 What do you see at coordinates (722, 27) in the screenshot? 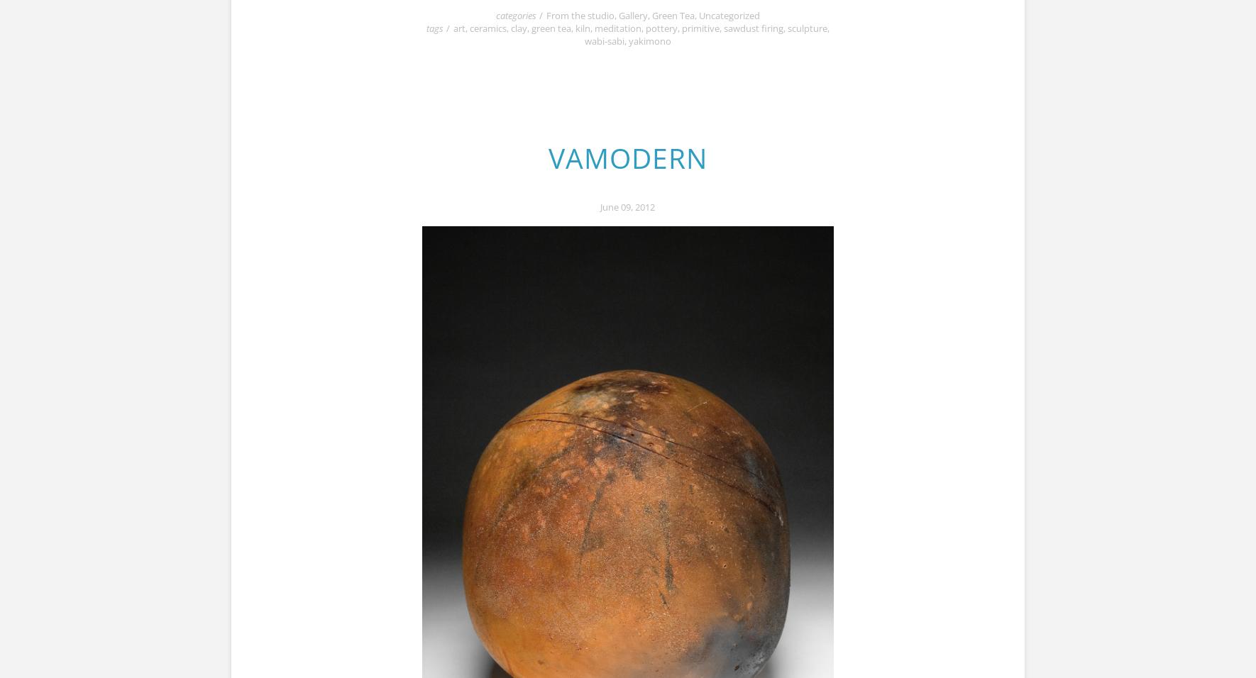
I see `'sawdust firing'` at bounding box center [722, 27].